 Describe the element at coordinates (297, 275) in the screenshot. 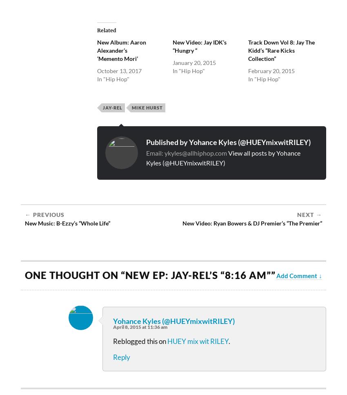

I see `'Add Comment'` at that location.